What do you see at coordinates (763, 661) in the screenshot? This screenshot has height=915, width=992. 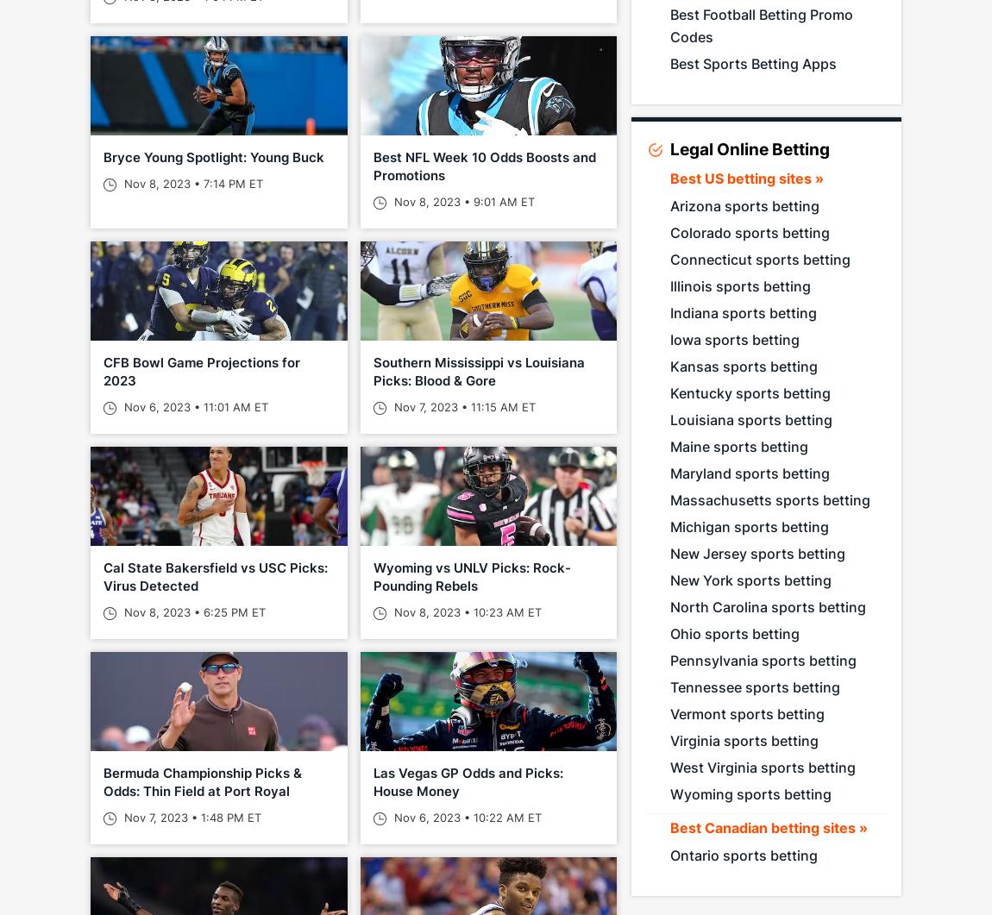 I see `'Pennsylvania sports betting'` at bounding box center [763, 661].